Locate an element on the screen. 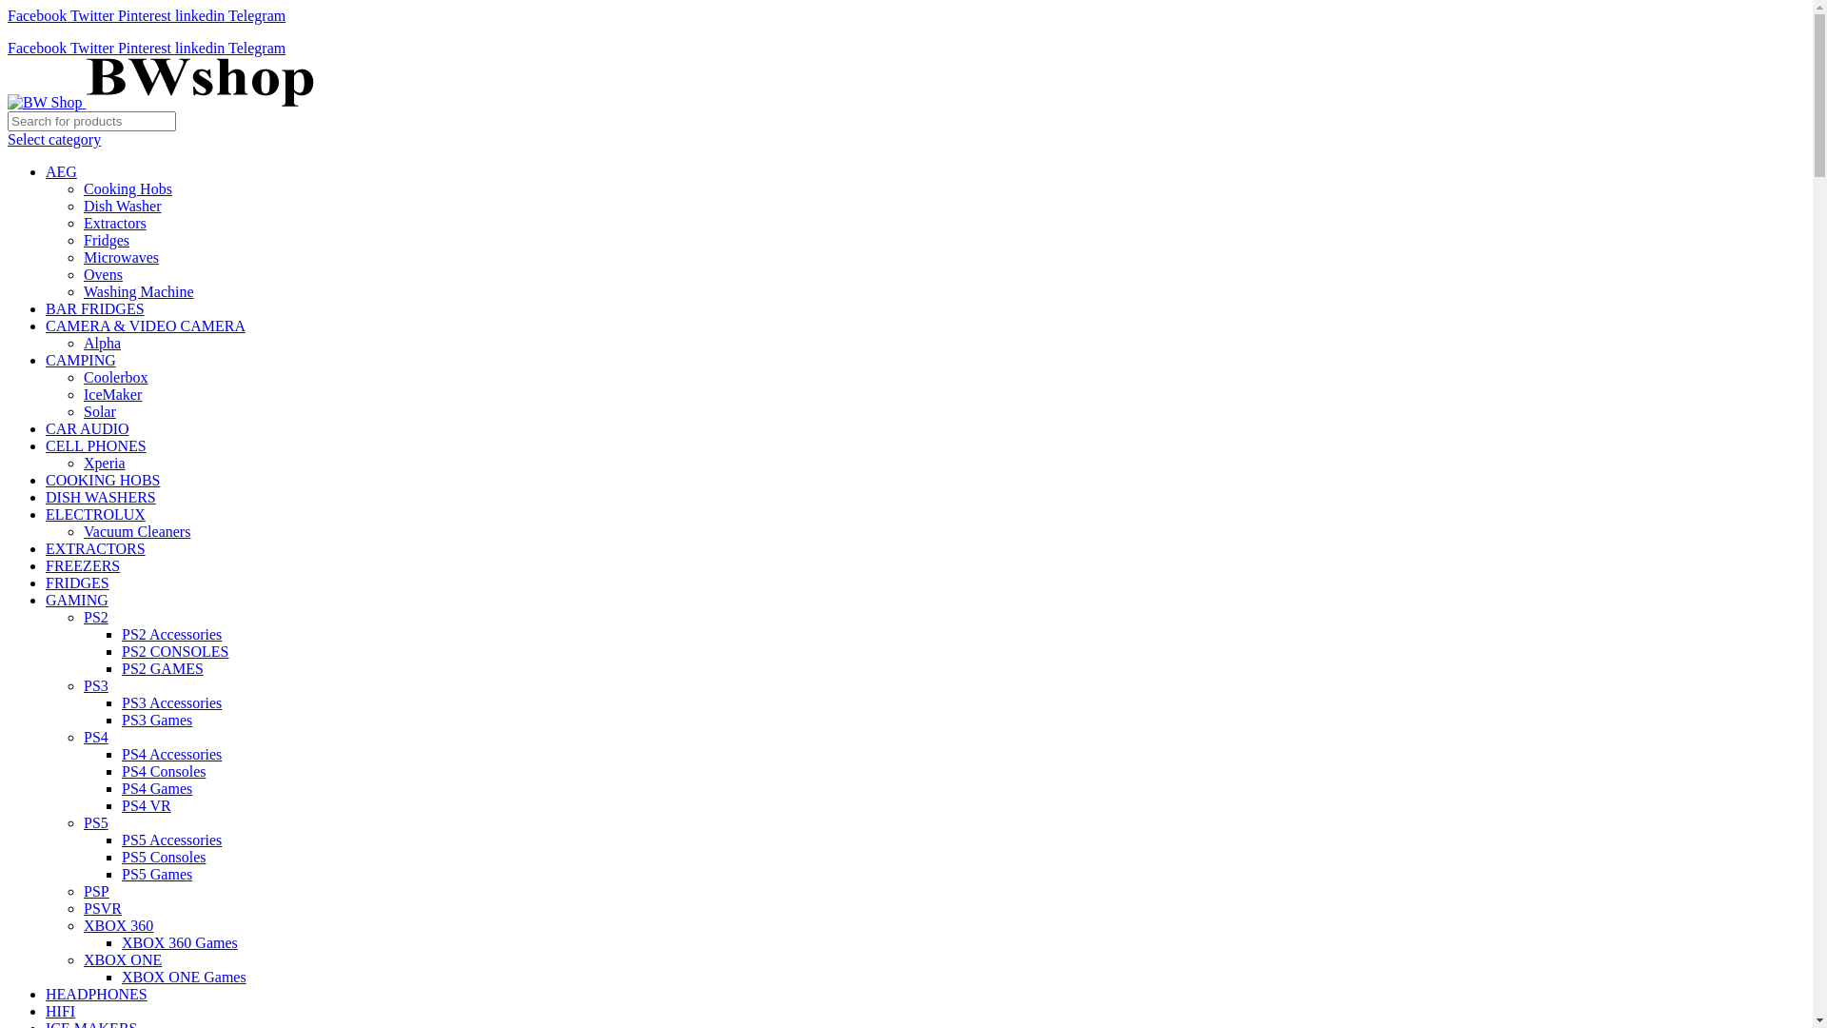 This screenshot has height=1028, width=1827. 'EXTRACTORS' is located at coordinates (94, 548).